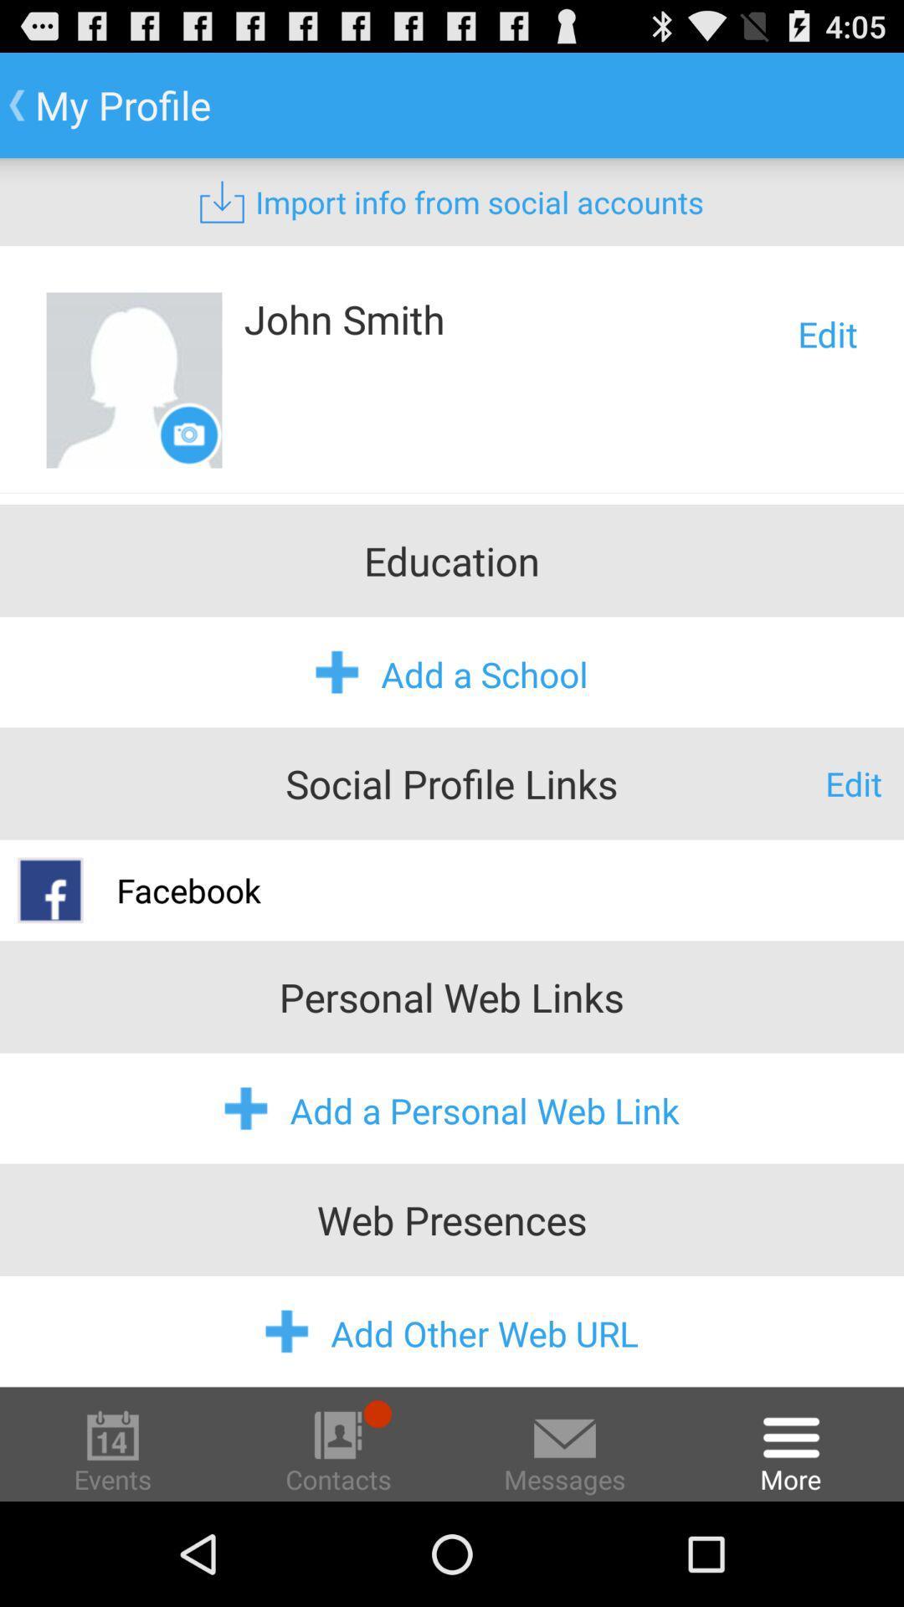 This screenshot has width=904, height=1607. I want to click on contacts, so click(339, 1450).